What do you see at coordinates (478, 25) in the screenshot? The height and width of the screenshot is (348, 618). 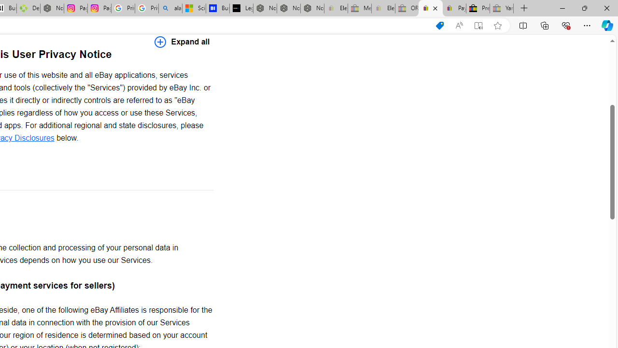 I see `'Enter Immersive Reader (F9)'` at bounding box center [478, 25].